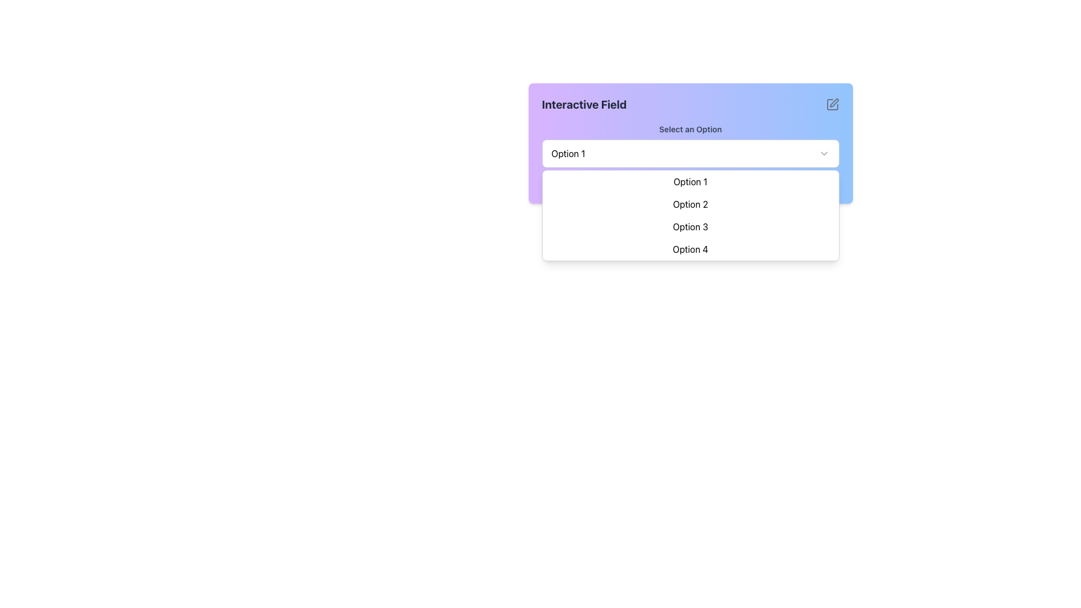 The image size is (1081, 608). I want to click on the first entry of the dropdown menu labeled 'Option 1', so click(690, 181).